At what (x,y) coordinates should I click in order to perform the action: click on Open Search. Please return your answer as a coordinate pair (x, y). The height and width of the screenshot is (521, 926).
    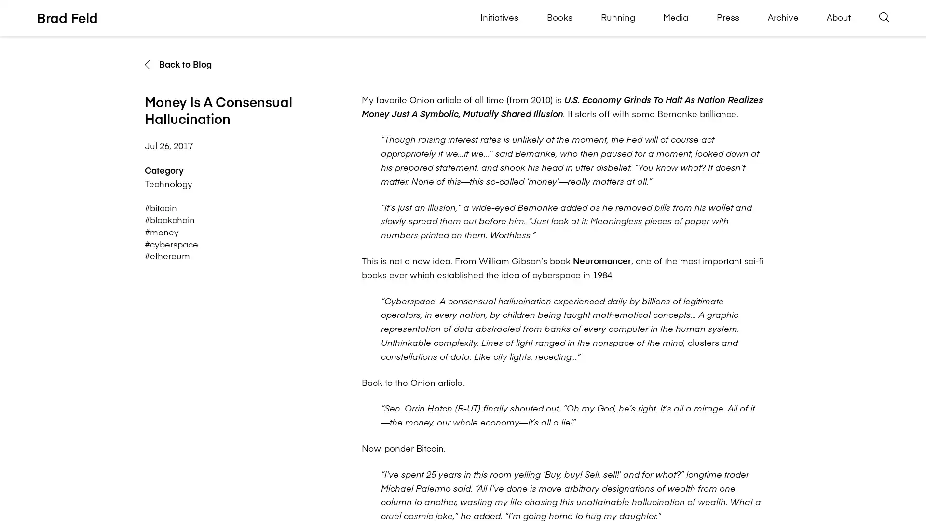
    Looking at the image, I should click on (884, 17).